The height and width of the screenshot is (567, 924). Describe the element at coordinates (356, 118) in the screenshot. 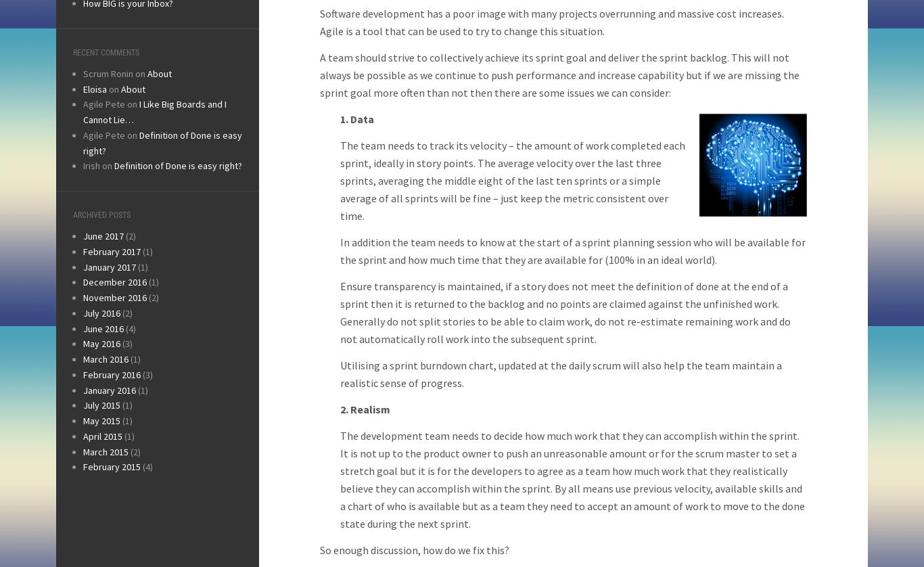

I see `'1. Data'` at that location.